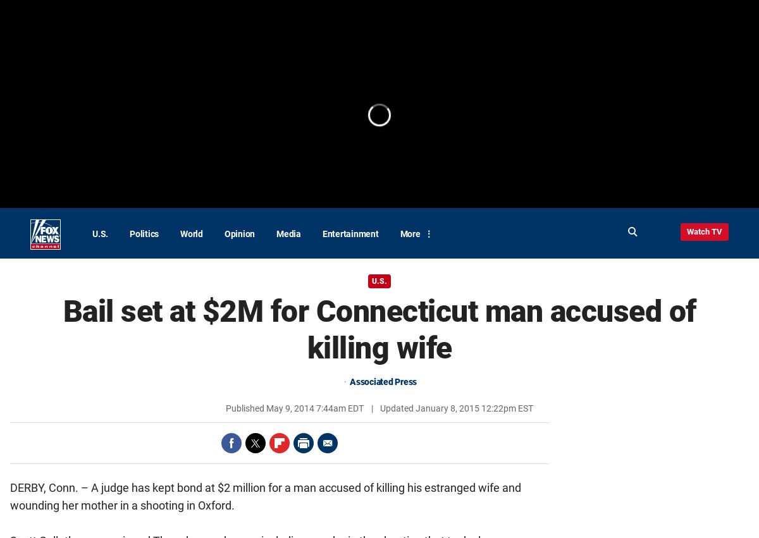  What do you see at coordinates (51, 487) in the screenshot?
I see `'DERBY, Conn. –'` at bounding box center [51, 487].